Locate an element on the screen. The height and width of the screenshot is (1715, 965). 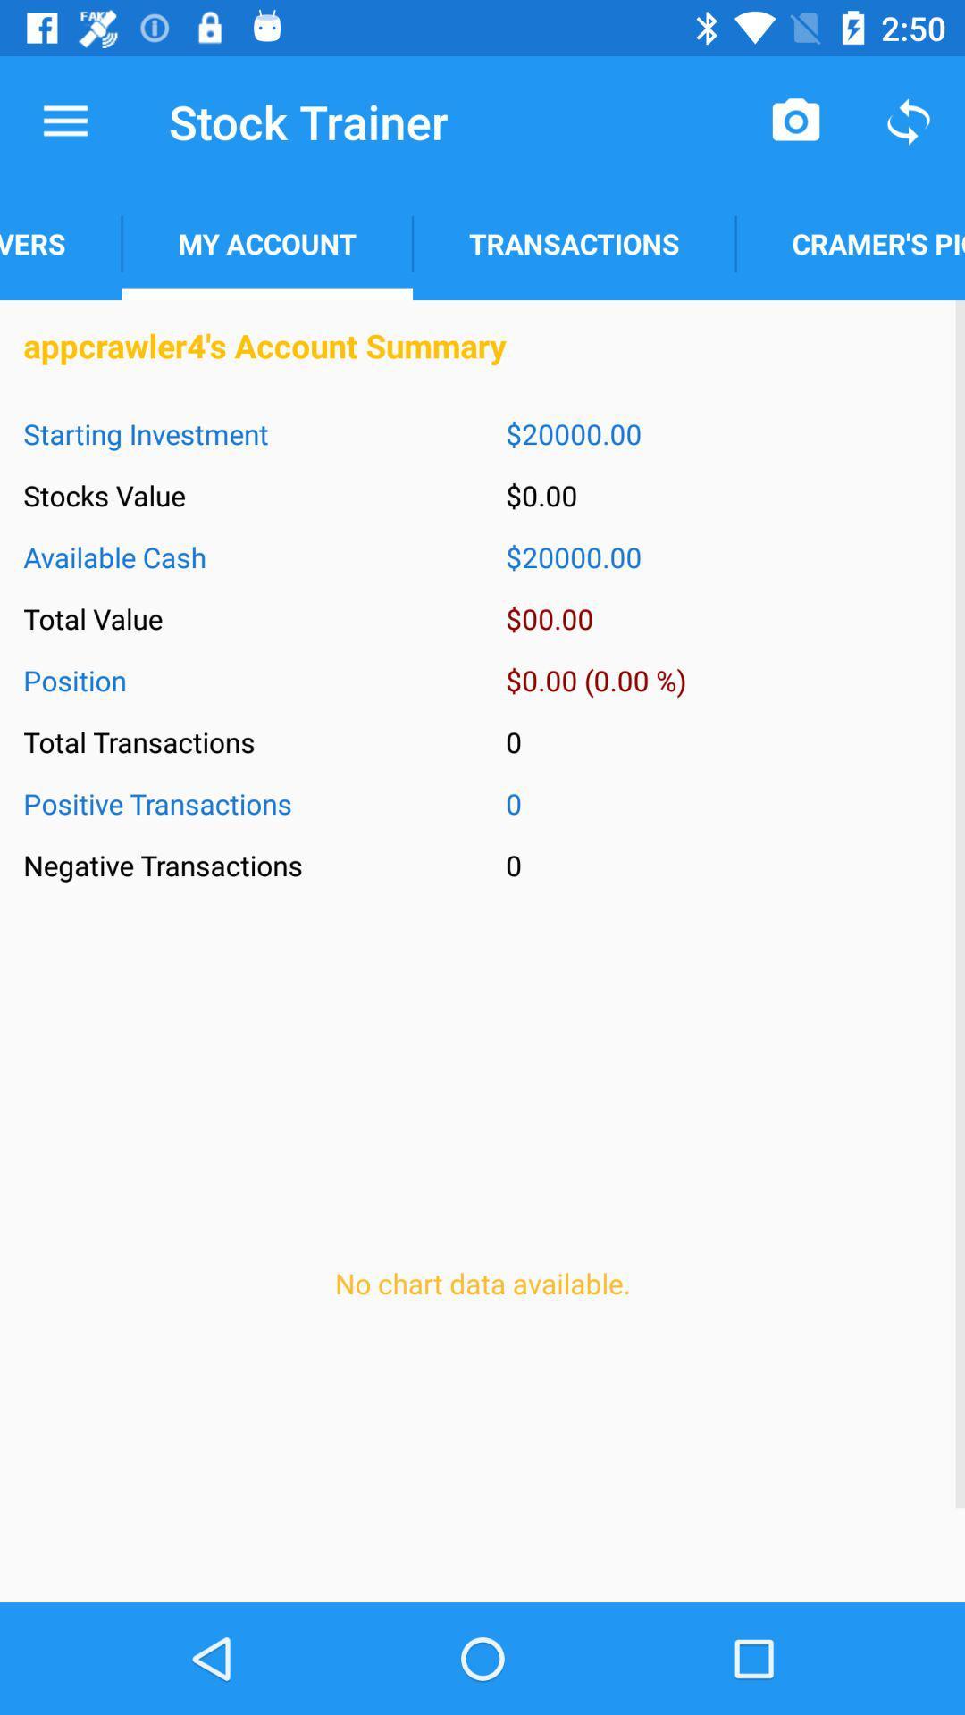
app to the right of the transactions app is located at coordinates (795, 121).